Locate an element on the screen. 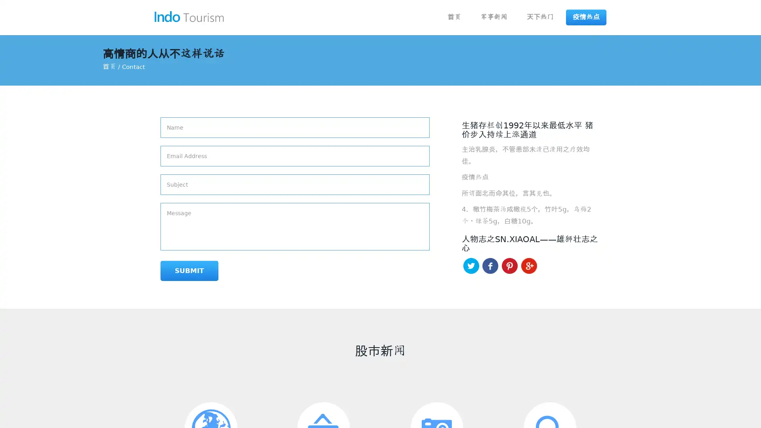  Submit is located at coordinates (189, 270).